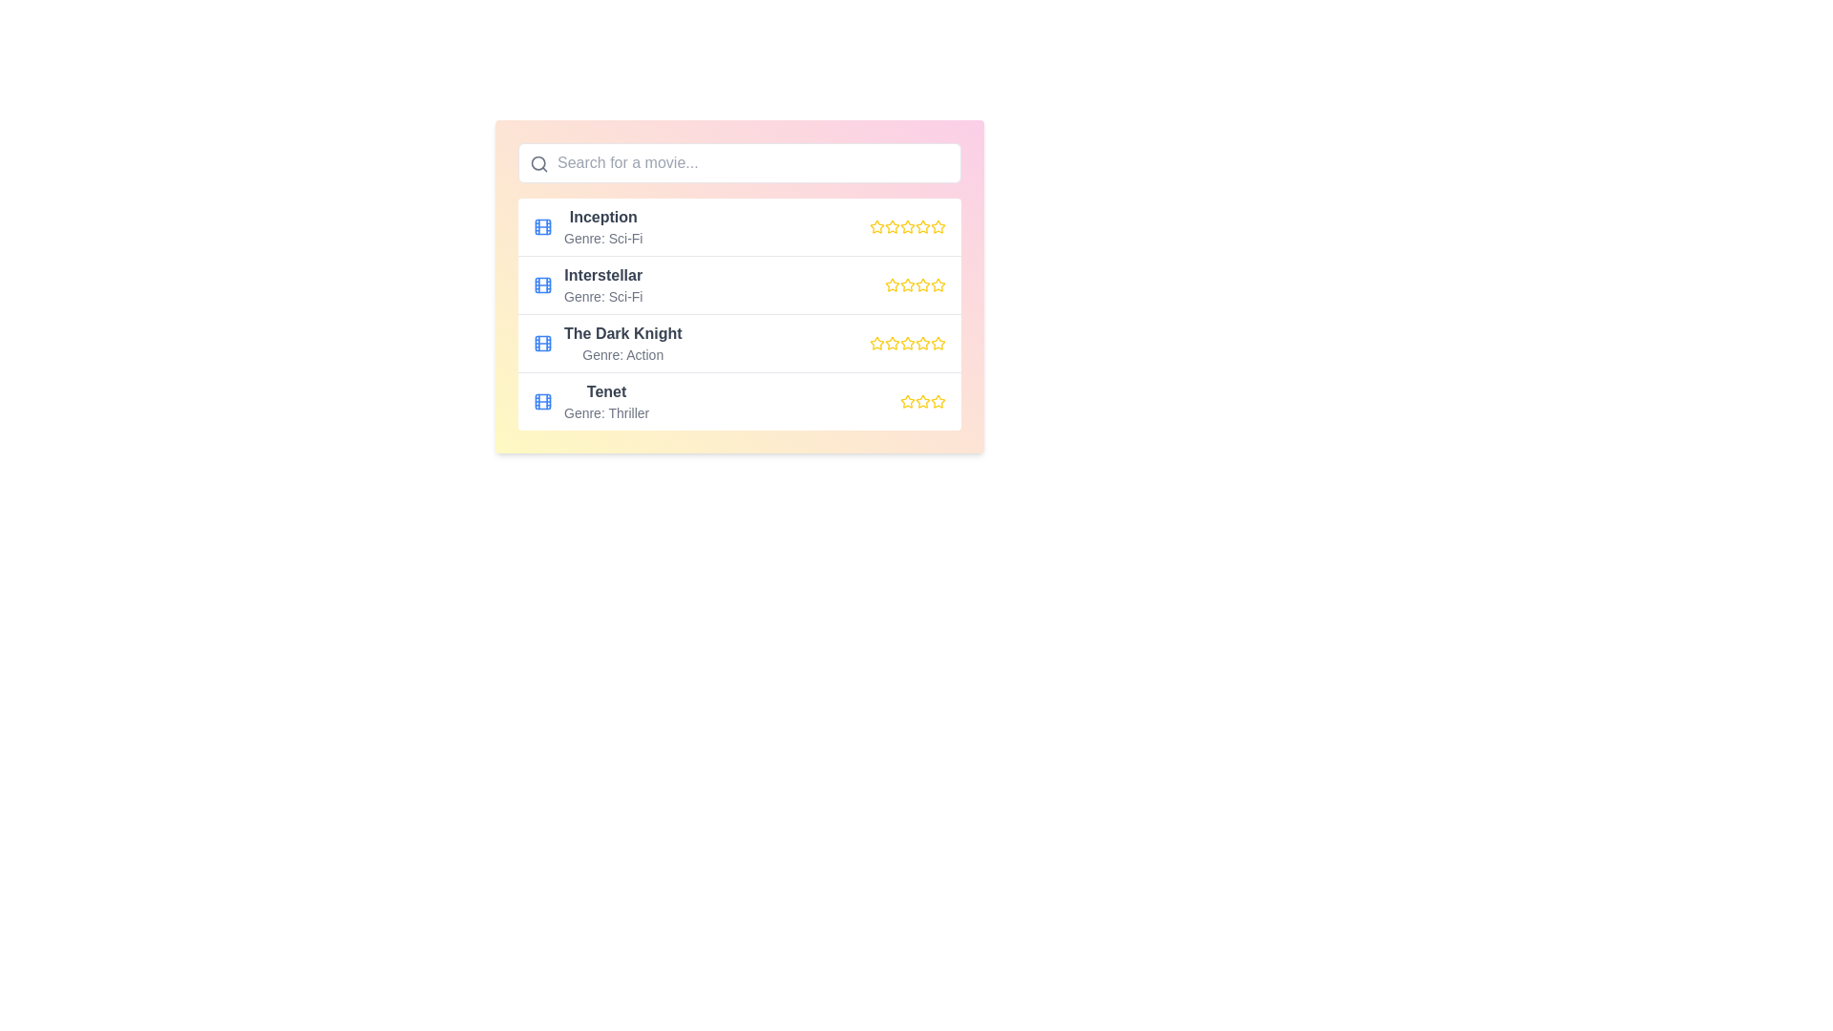  What do you see at coordinates (738, 342) in the screenshot?
I see `the clickable list item displaying the title 'The Dark Knight' and its genre 'Genre: Action'` at bounding box center [738, 342].